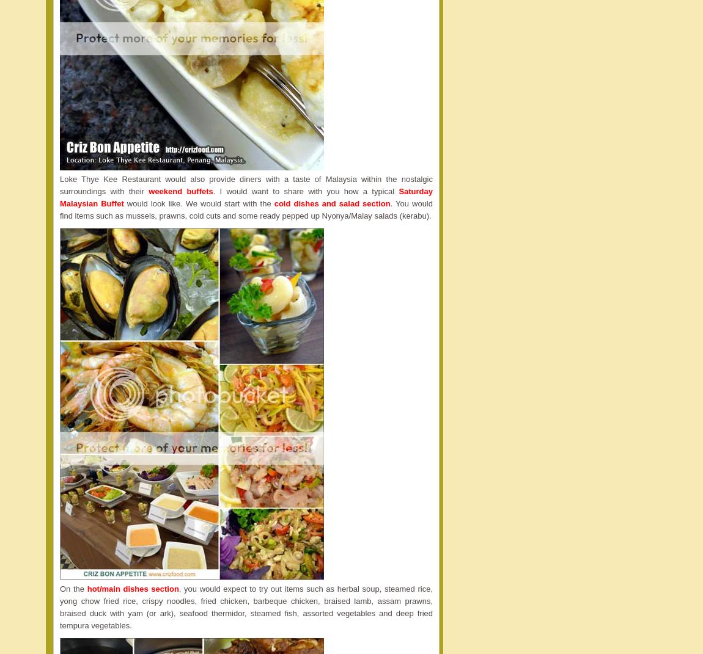  What do you see at coordinates (246, 208) in the screenshot?
I see `'. You would find items such as mussels, prawns, cold cuts and some ready pepped up Nyonya/Malay salads (kerabu).'` at bounding box center [246, 208].